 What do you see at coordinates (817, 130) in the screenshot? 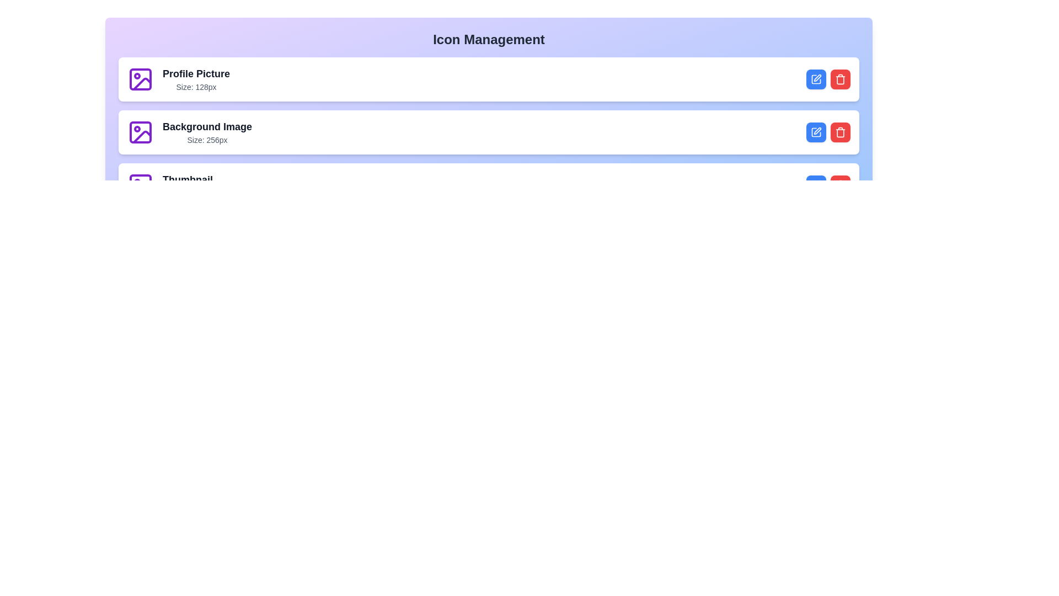
I see `the secondary icon button for modifying or editing the associated item in the list, located on the right side of the row` at bounding box center [817, 130].